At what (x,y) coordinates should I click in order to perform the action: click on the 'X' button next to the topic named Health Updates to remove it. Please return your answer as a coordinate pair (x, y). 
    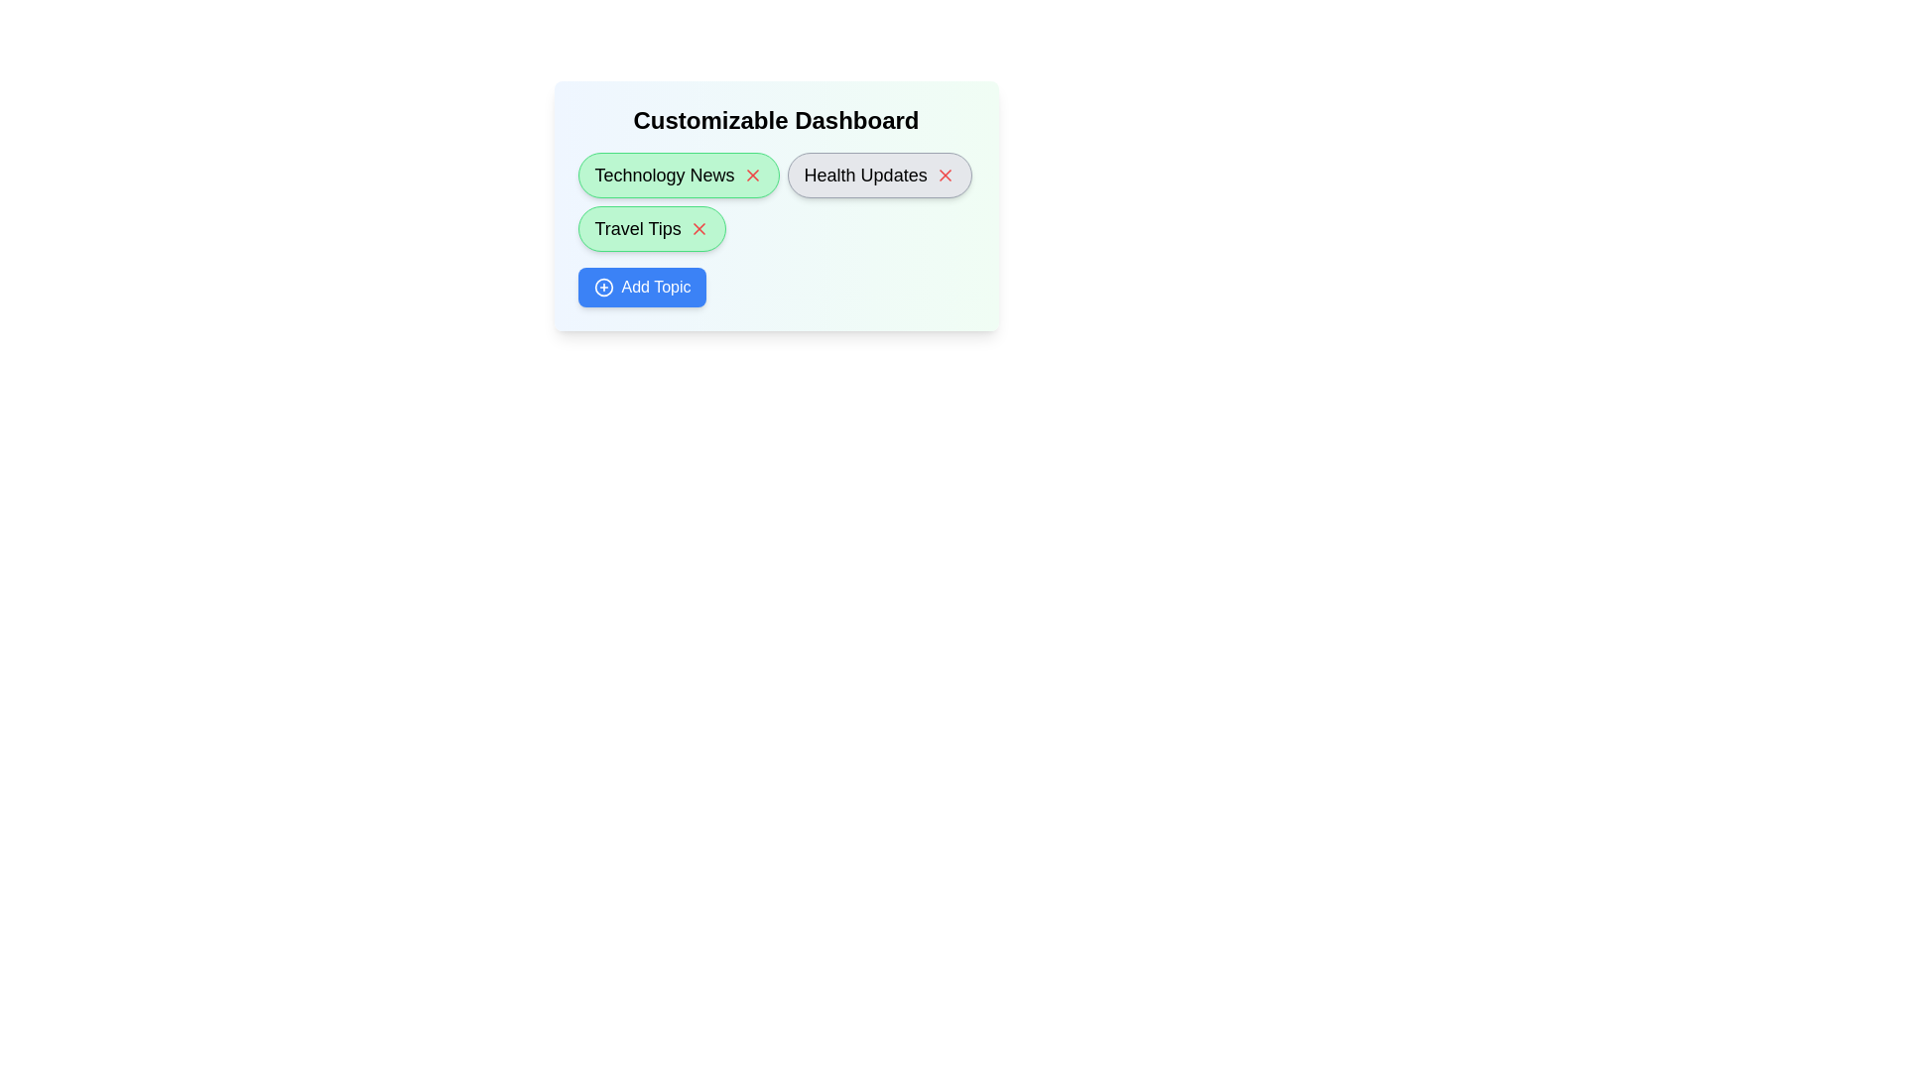
    Looking at the image, I should click on (944, 175).